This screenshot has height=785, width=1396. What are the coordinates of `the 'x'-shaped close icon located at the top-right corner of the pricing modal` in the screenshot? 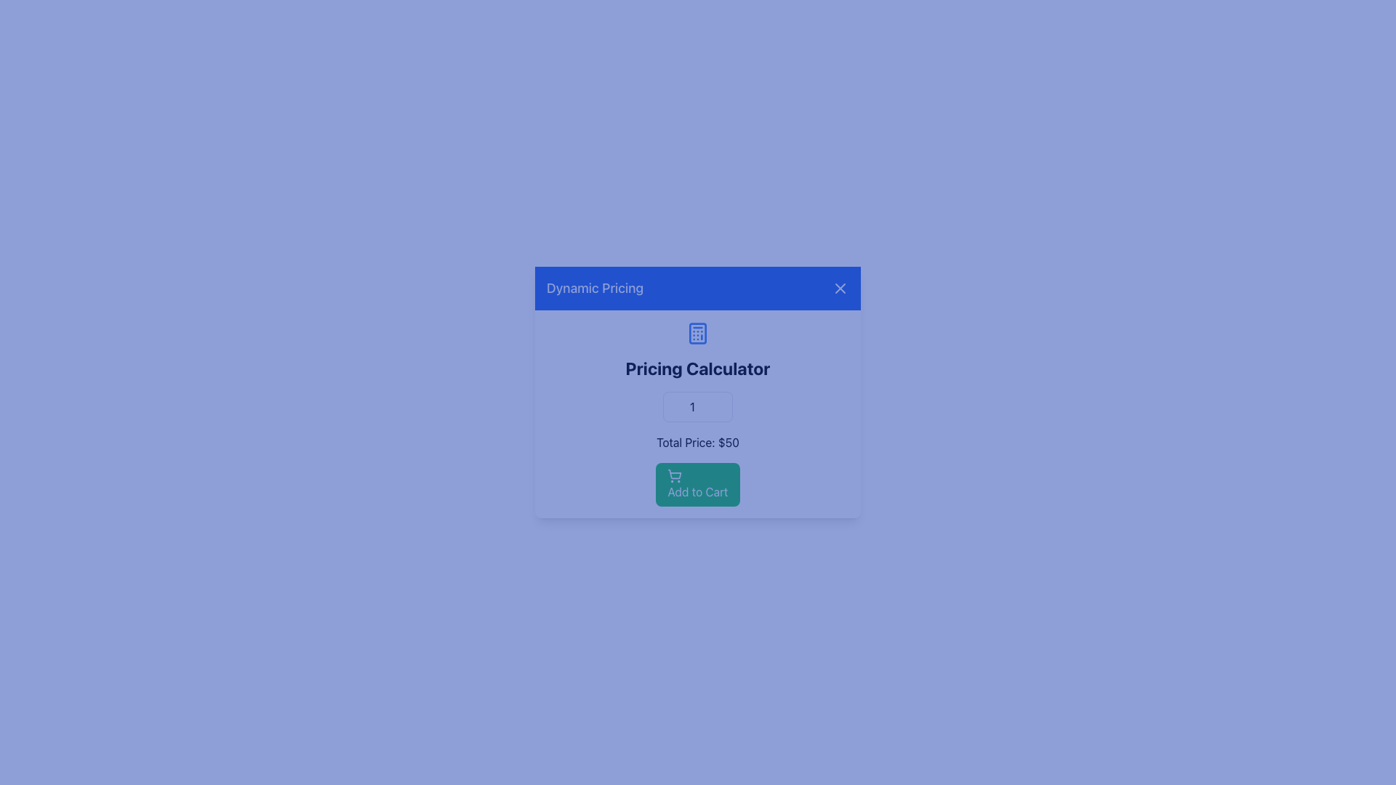 It's located at (841, 289).